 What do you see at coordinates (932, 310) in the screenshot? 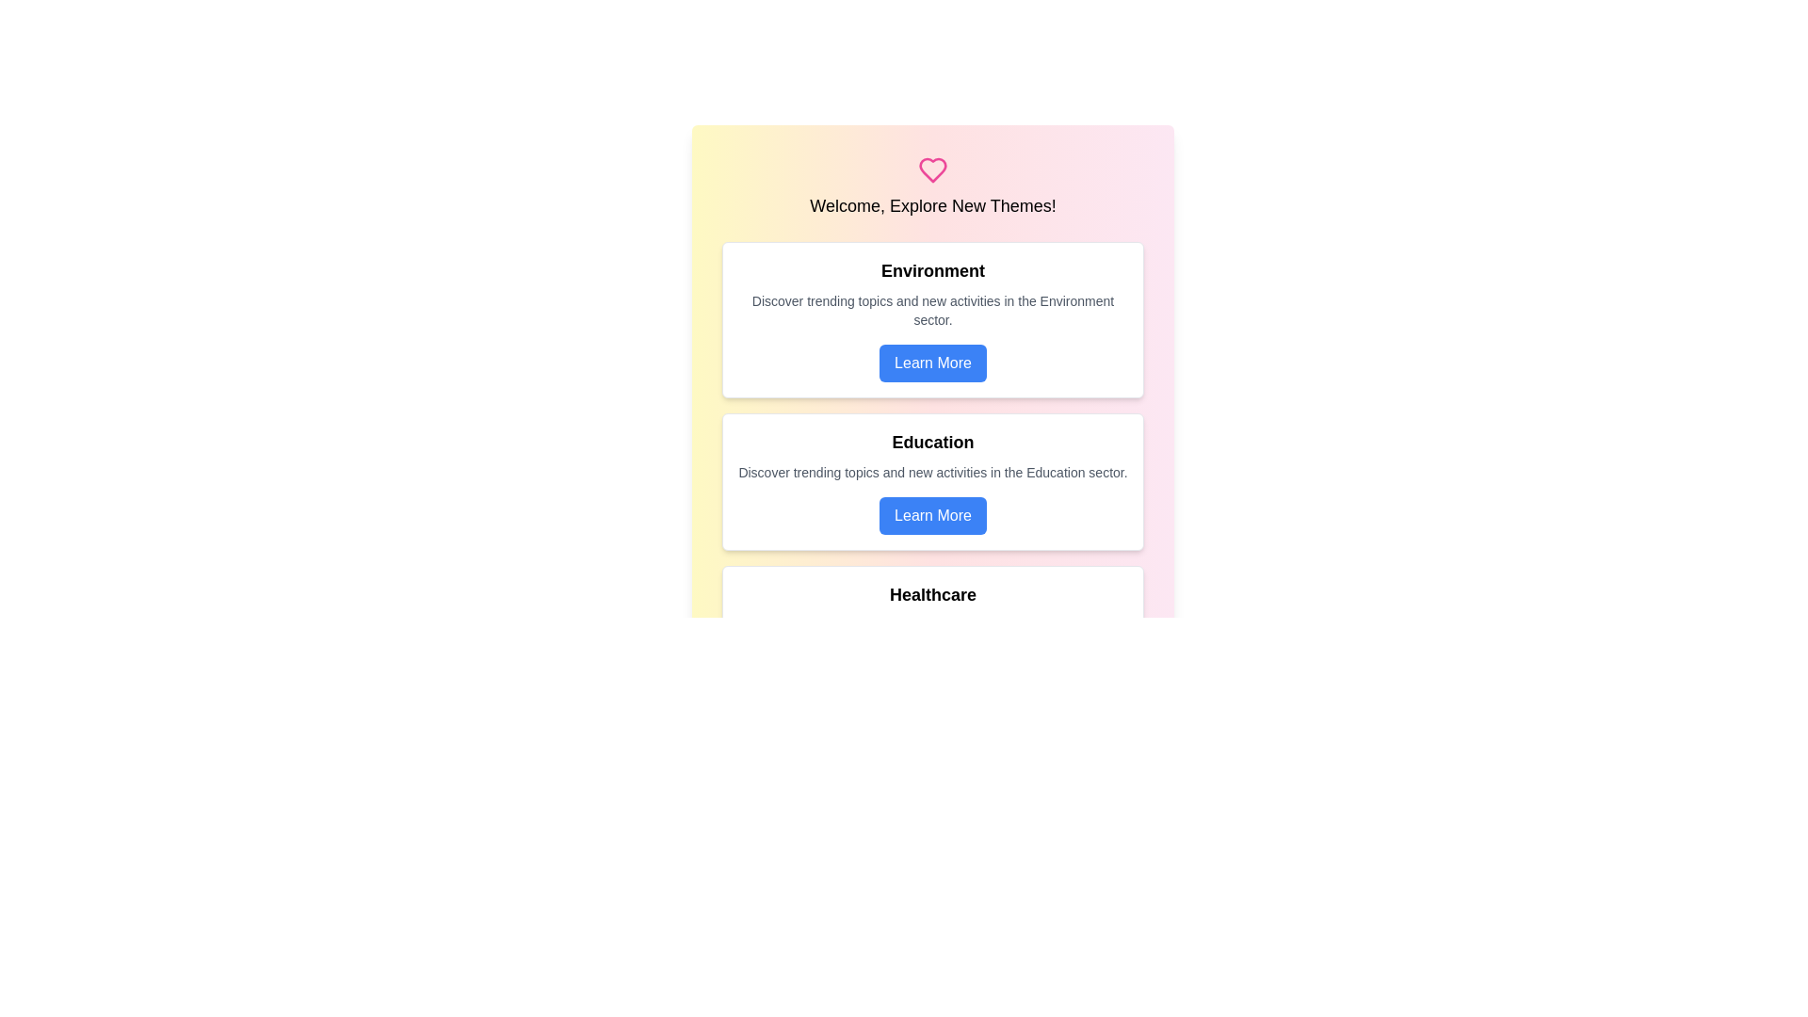
I see `informative text that conveys the message 'Discover trending topics and new activities in the Environment sector.' It is styled with a smaller font size and gray text color, located below the heading 'Environment' and above the 'Learn More' button` at bounding box center [932, 310].